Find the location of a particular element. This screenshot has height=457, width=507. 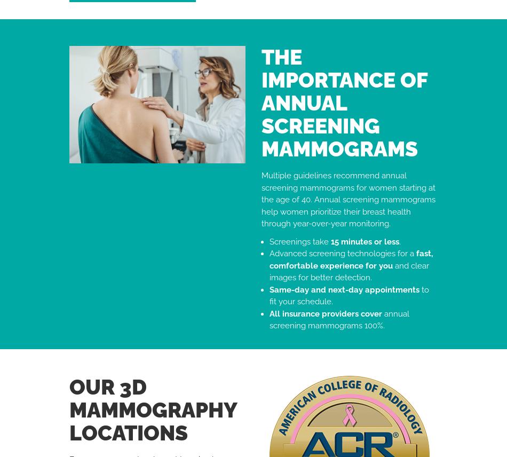

'Our 3D Mammography Locations' is located at coordinates (152, 408).